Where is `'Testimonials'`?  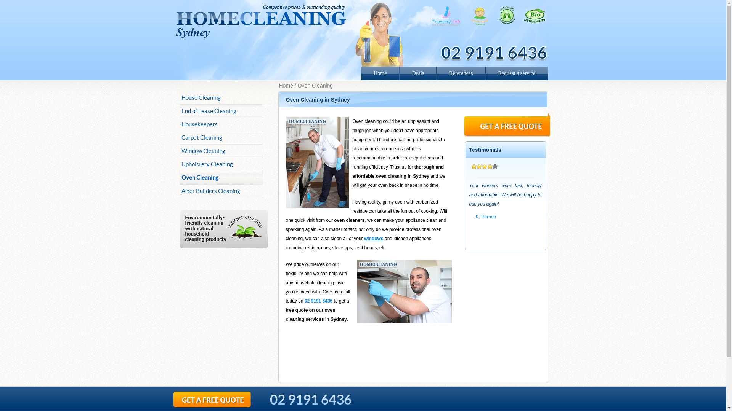 'Testimonials' is located at coordinates (505, 150).